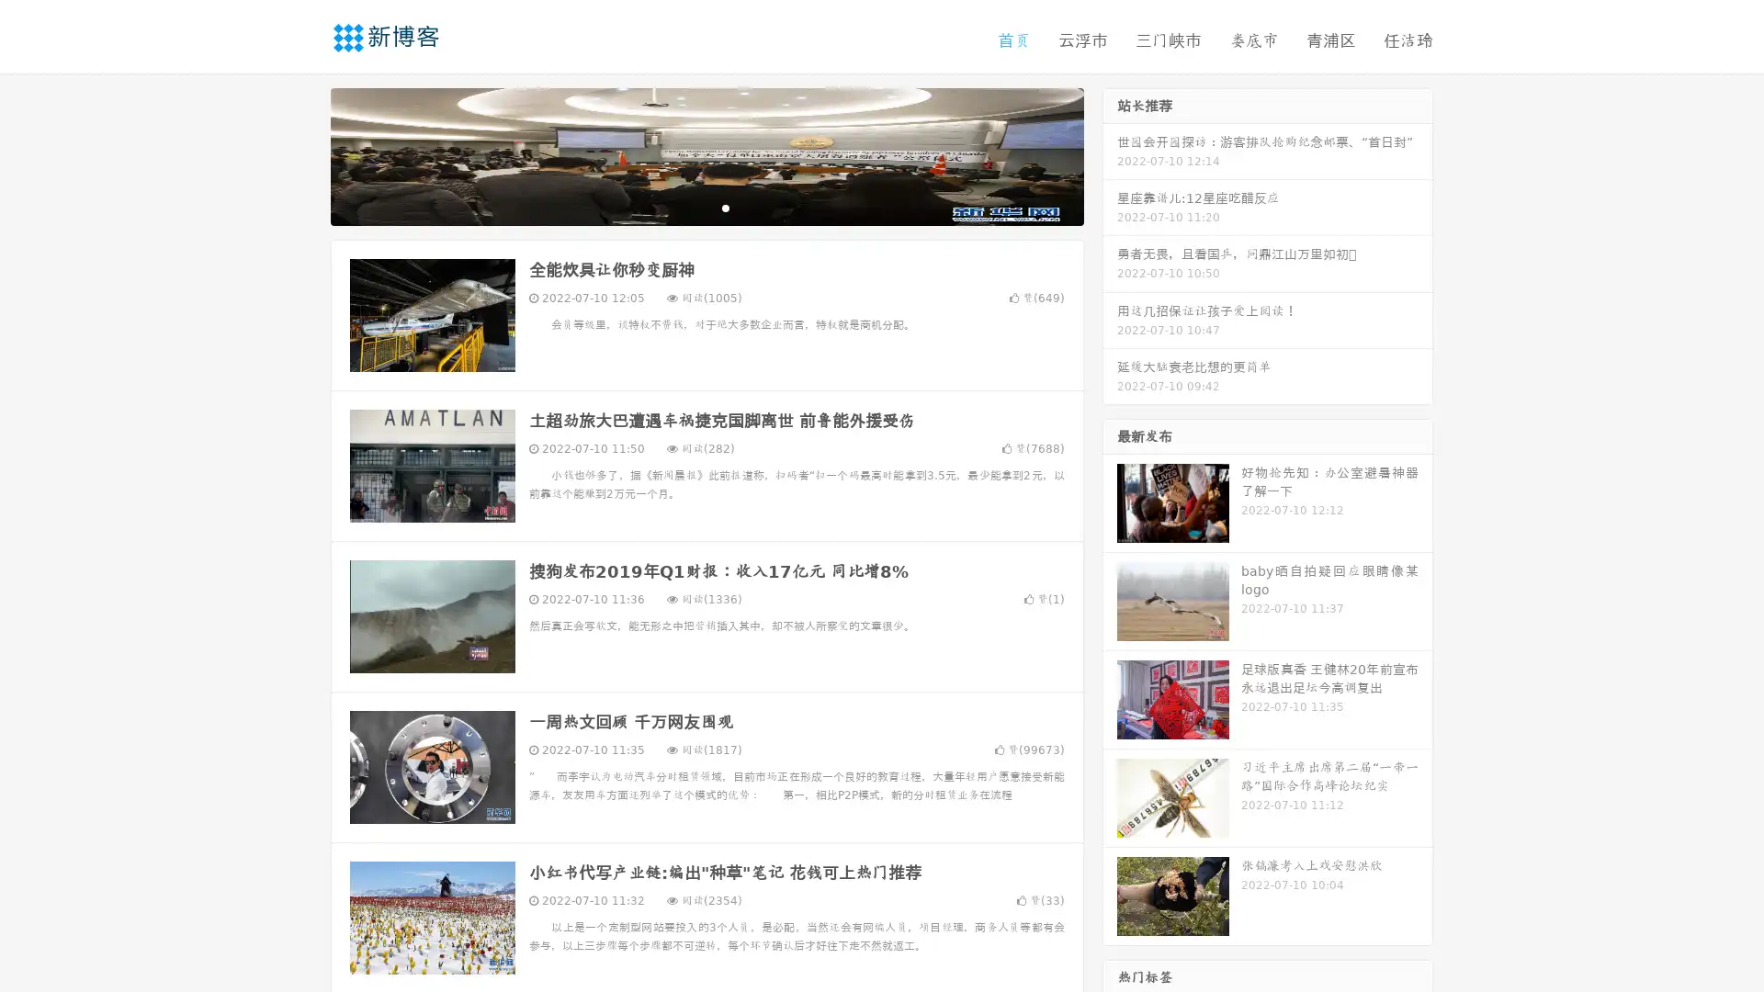 This screenshot has width=1764, height=992. Describe the element at coordinates (725, 207) in the screenshot. I see `Go to slide 3` at that location.